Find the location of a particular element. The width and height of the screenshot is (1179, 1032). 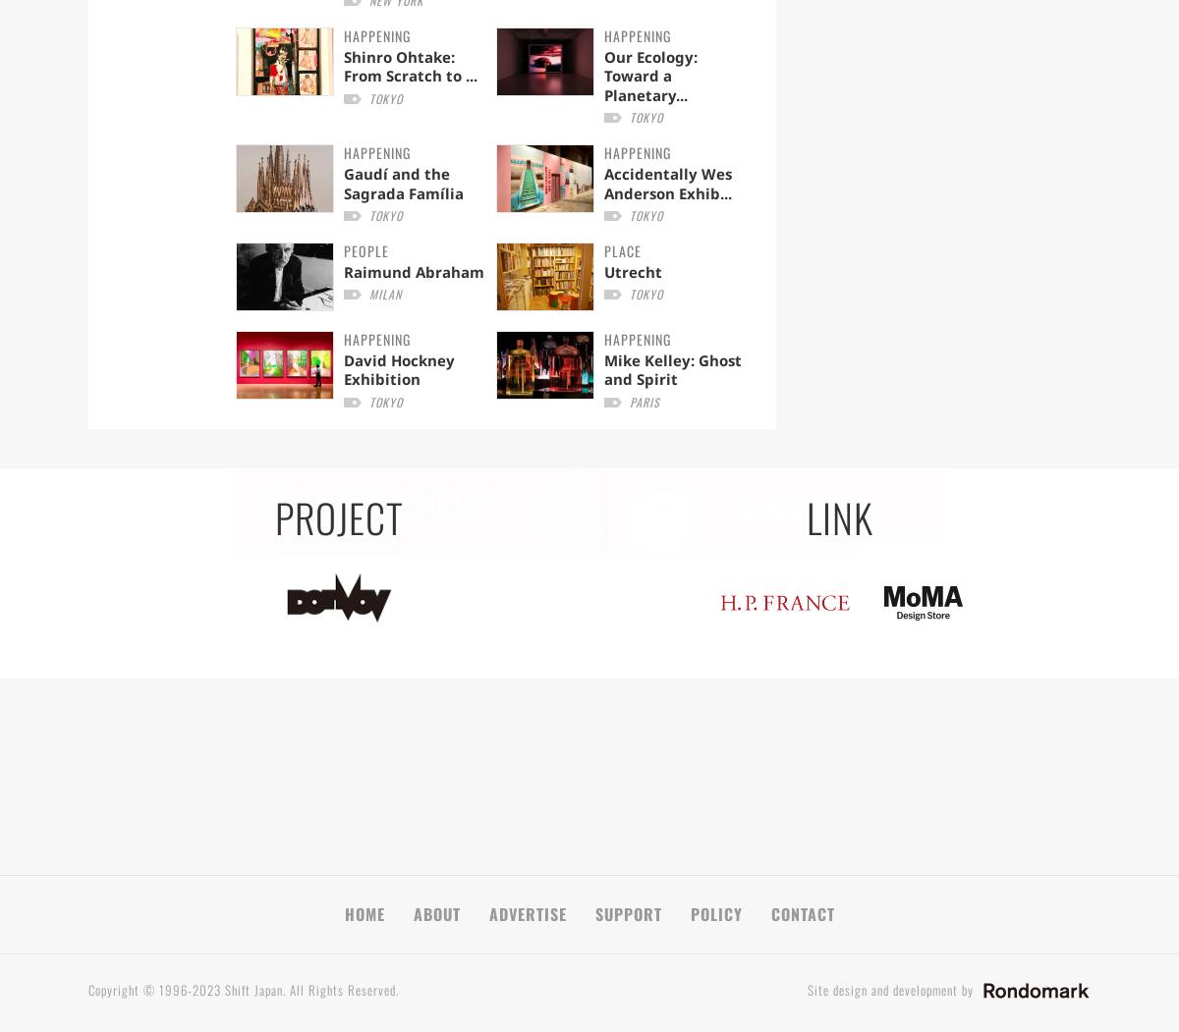

'PLACE' is located at coordinates (622, 249).